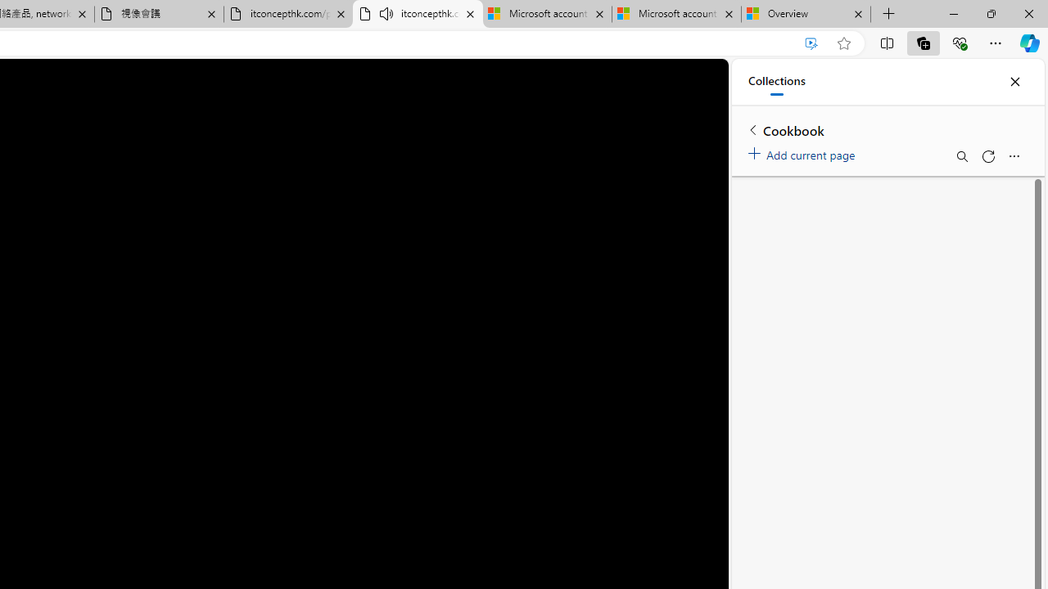 The image size is (1048, 589). Describe the element at coordinates (752, 129) in the screenshot. I see `'Back to list of collections'` at that location.